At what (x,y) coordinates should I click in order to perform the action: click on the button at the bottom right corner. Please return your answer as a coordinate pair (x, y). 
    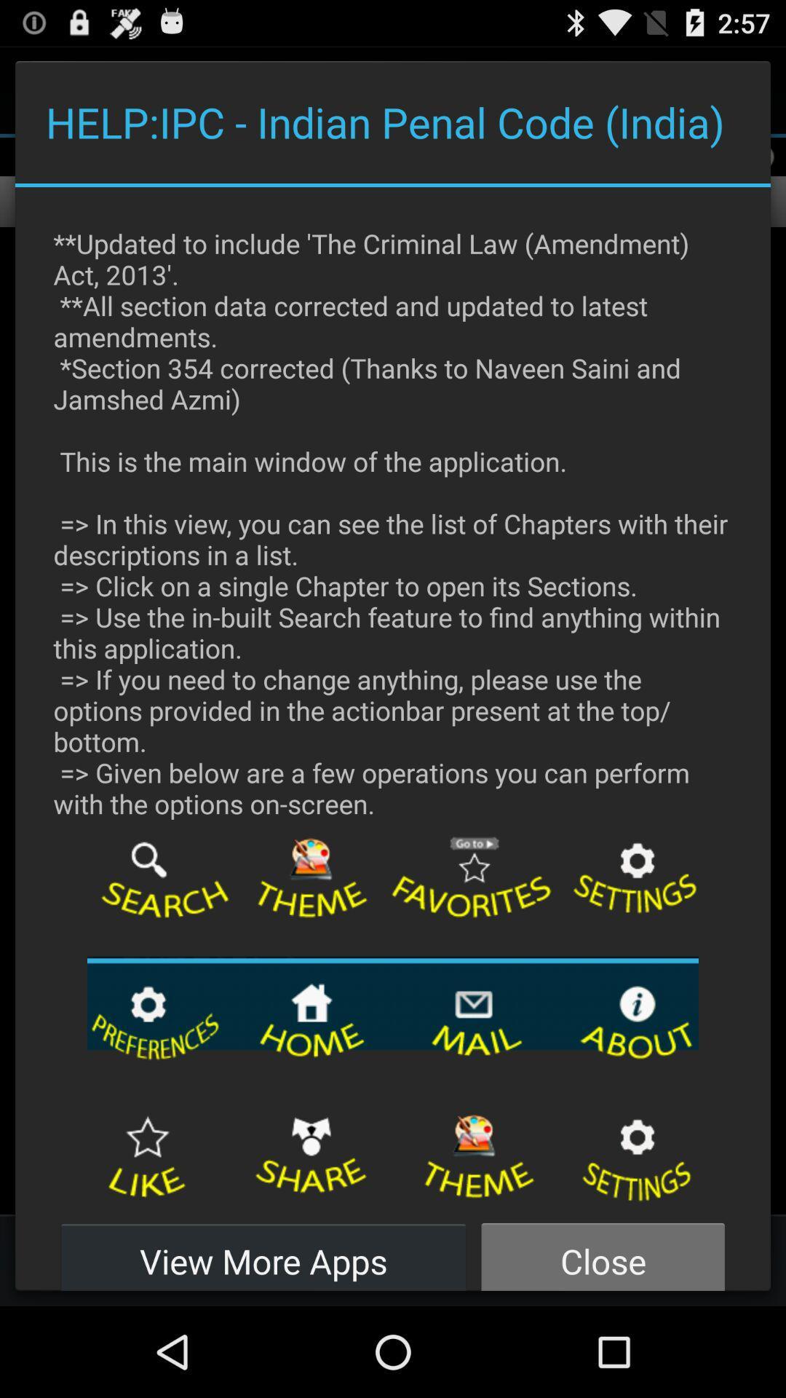
    Looking at the image, I should click on (603, 1252).